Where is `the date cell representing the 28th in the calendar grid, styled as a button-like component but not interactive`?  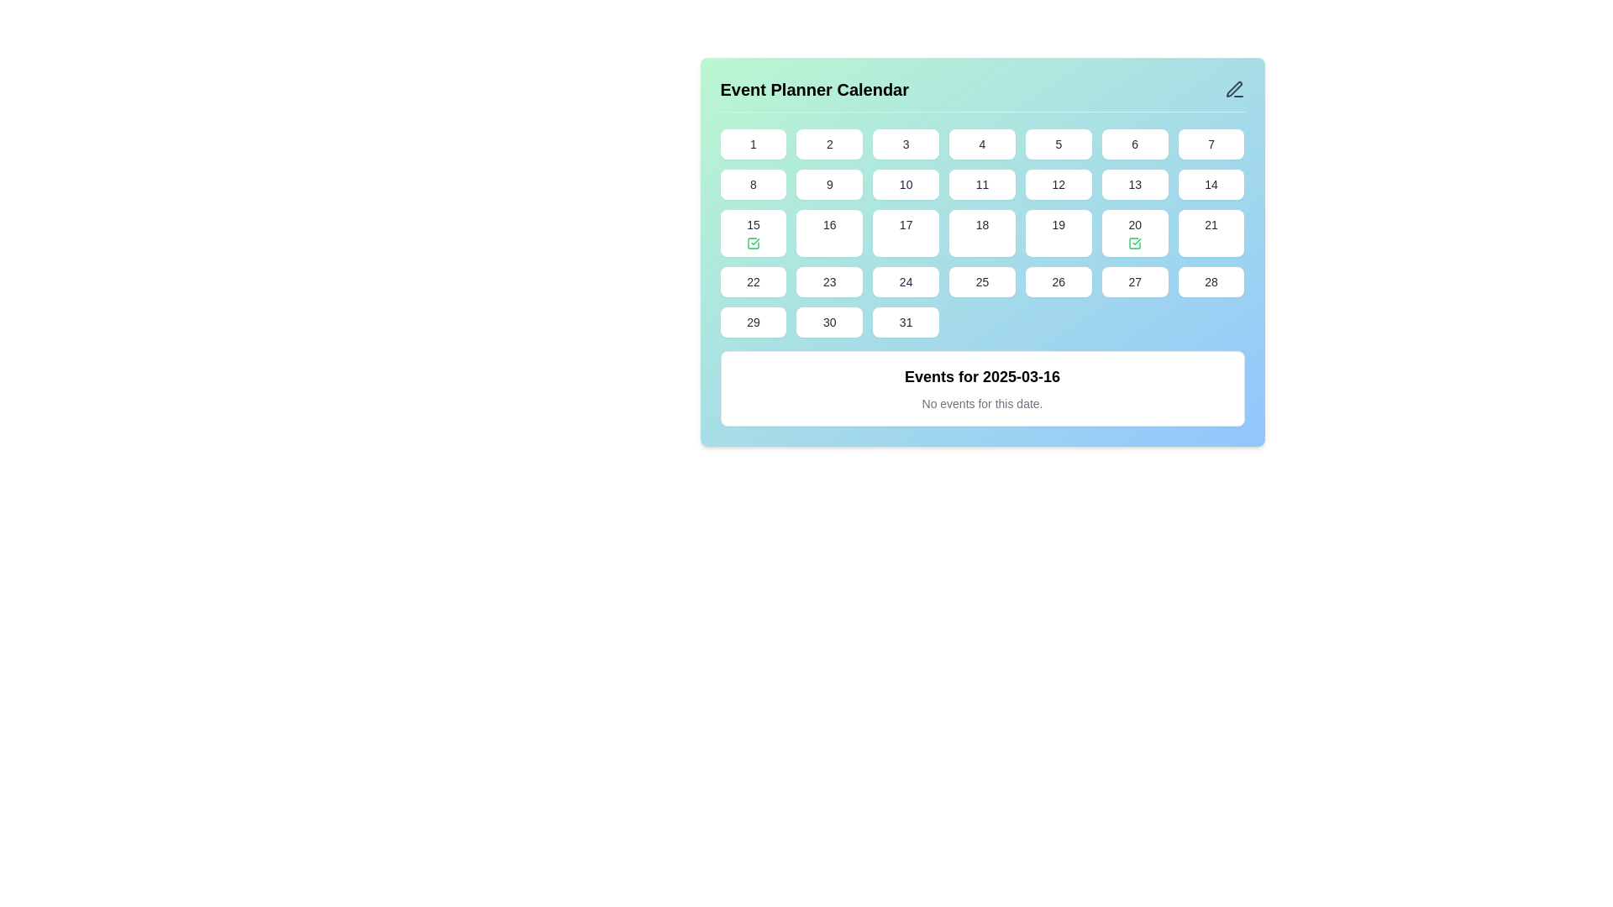
the date cell representing the 28th in the calendar grid, styled as a button-like component but not interactive is located at coordinates (1211, 280).